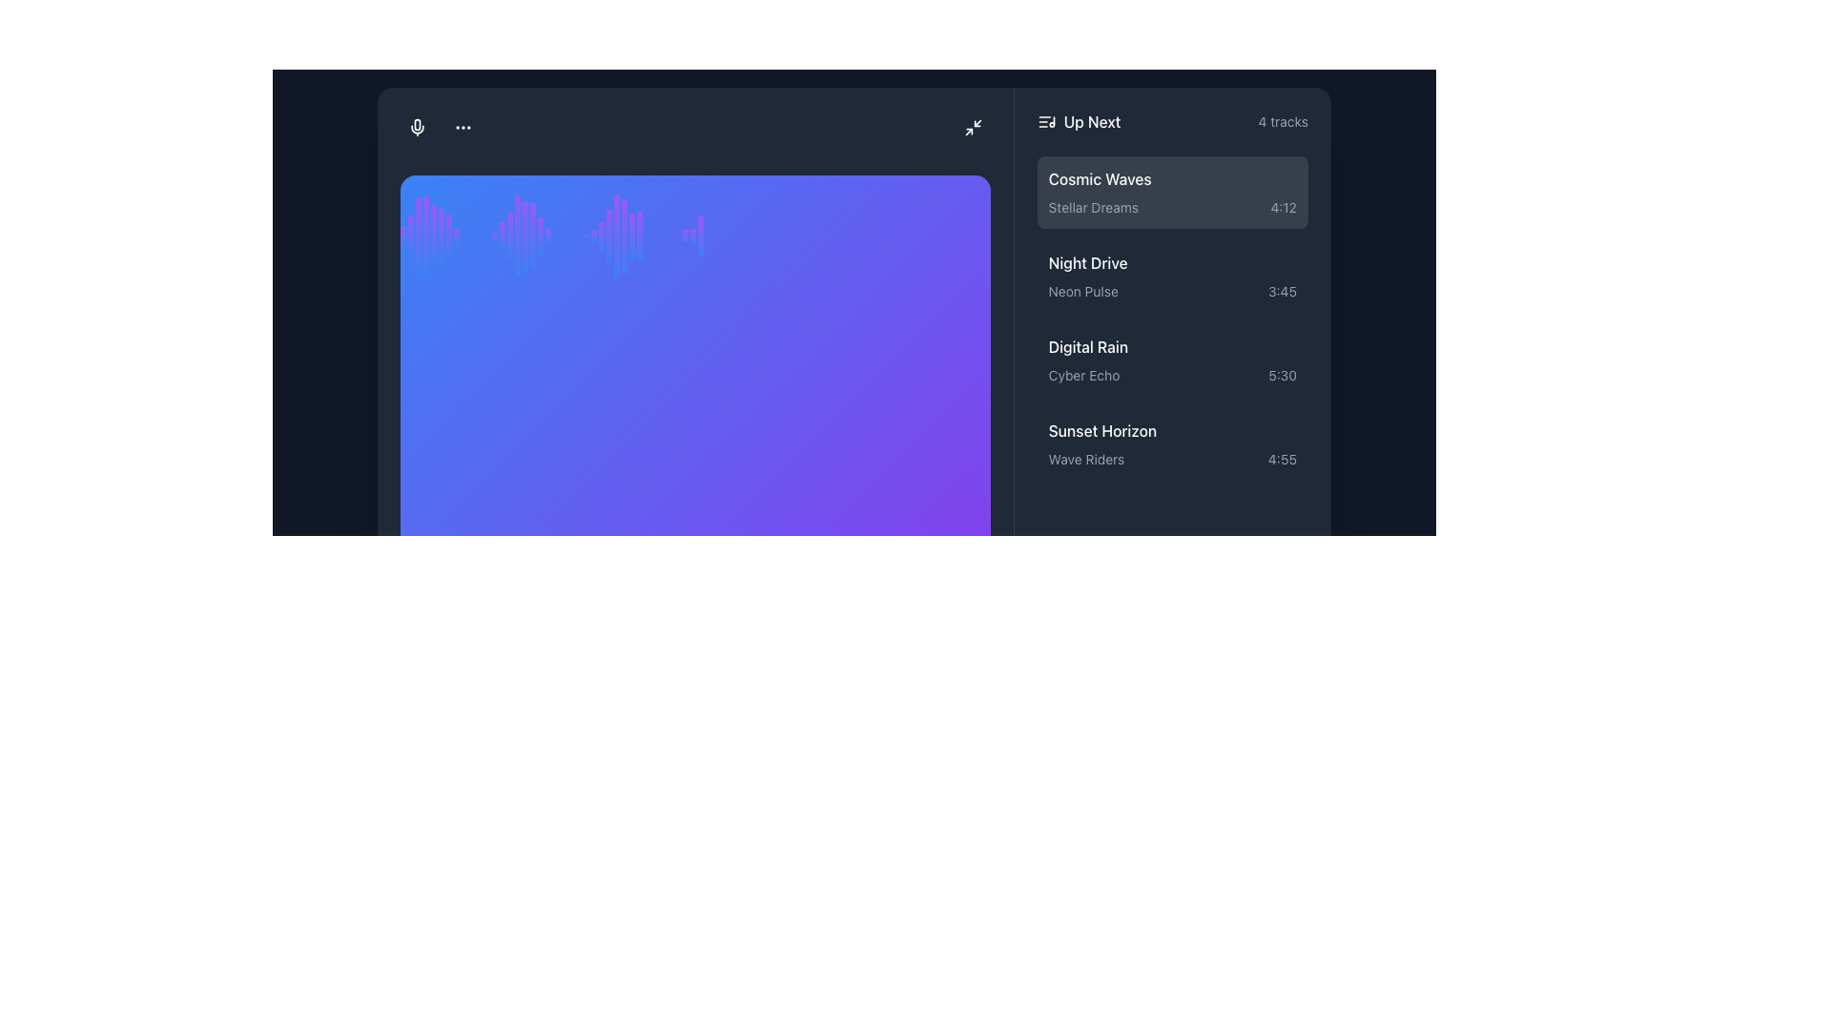 This screenshot has width=1831, height=1030. I want to click on the text label displaying 'Up Next' which is positioned in the top-right section of the interface, near a musical note icon and above the list of tracks, so click(1092, 121).